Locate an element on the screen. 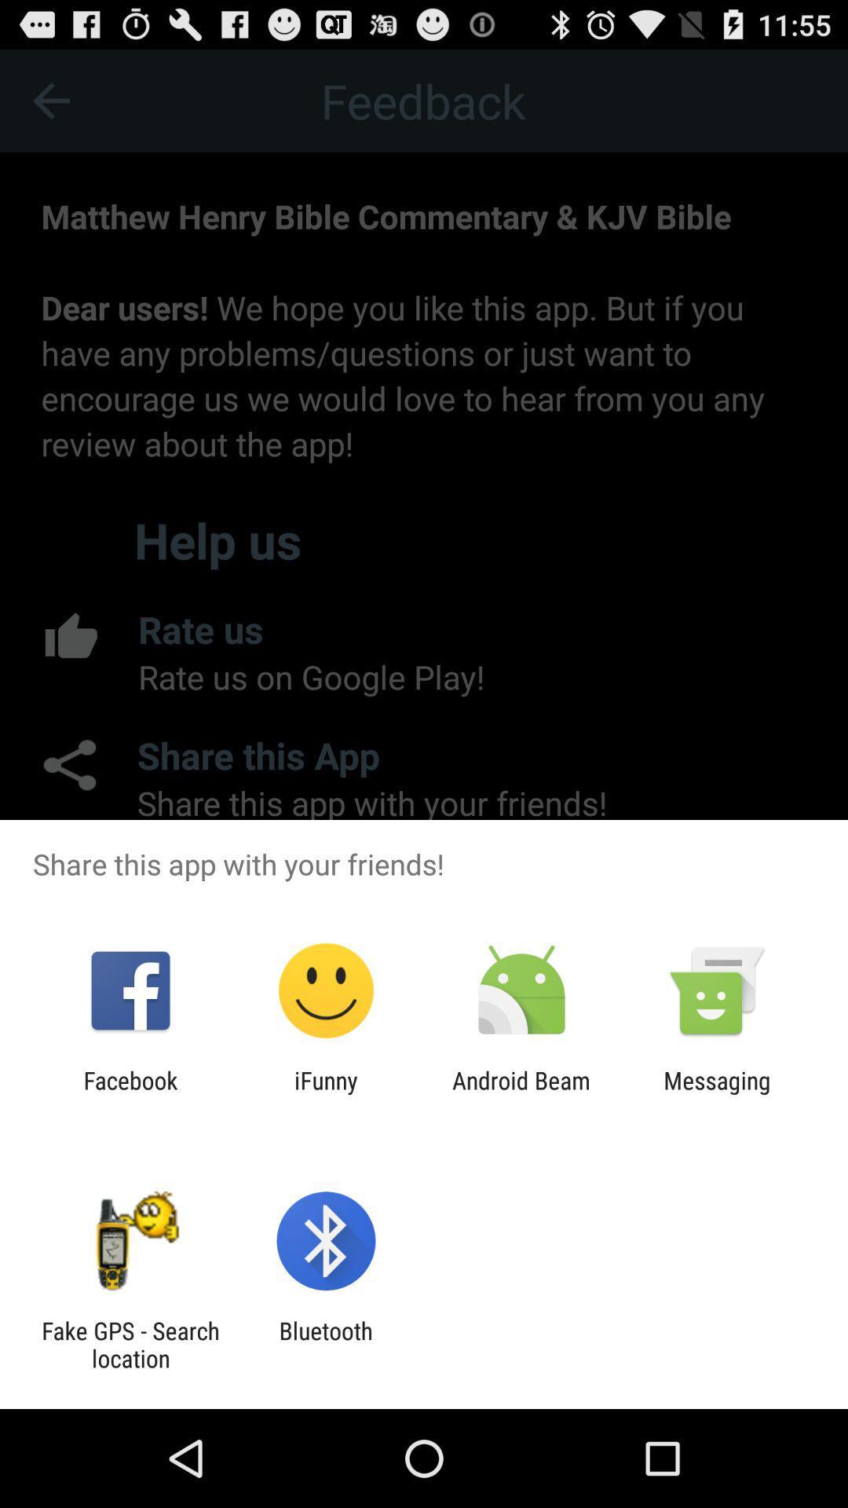 The height and width of the screenshot is (1508, 848). the item to the right of the android beam item is located at coordinates (717, 1093).